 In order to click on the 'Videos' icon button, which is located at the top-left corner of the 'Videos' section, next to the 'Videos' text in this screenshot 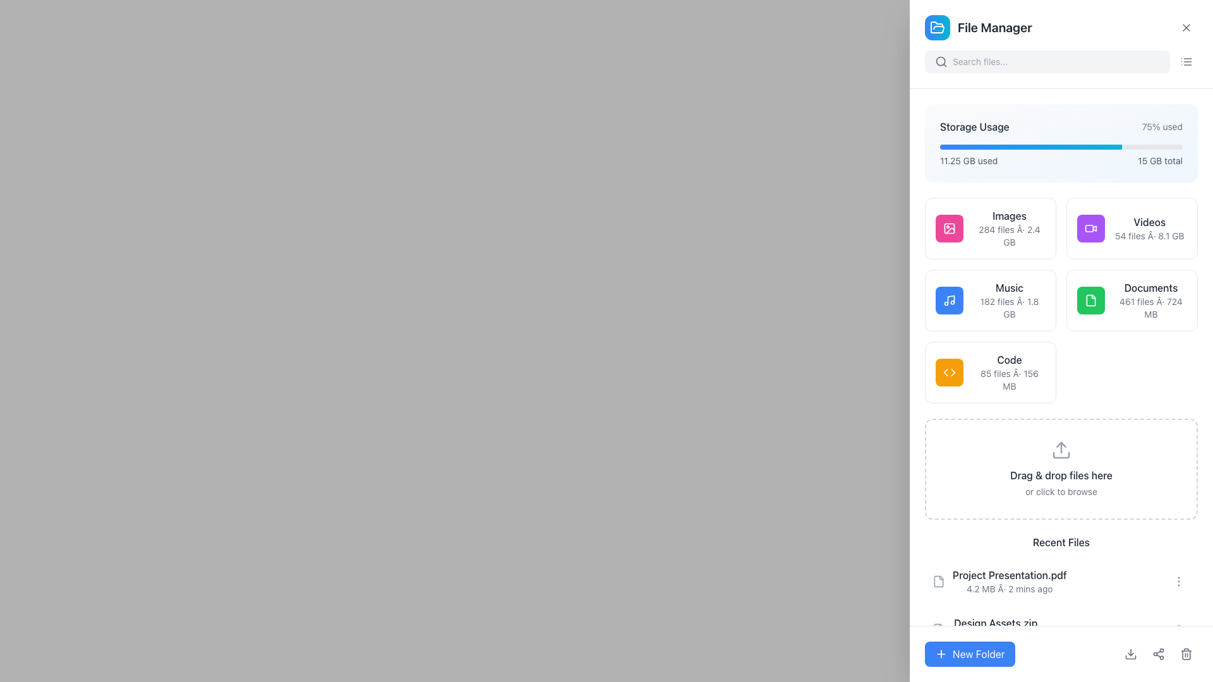, I will do `click(1090, 229)`.